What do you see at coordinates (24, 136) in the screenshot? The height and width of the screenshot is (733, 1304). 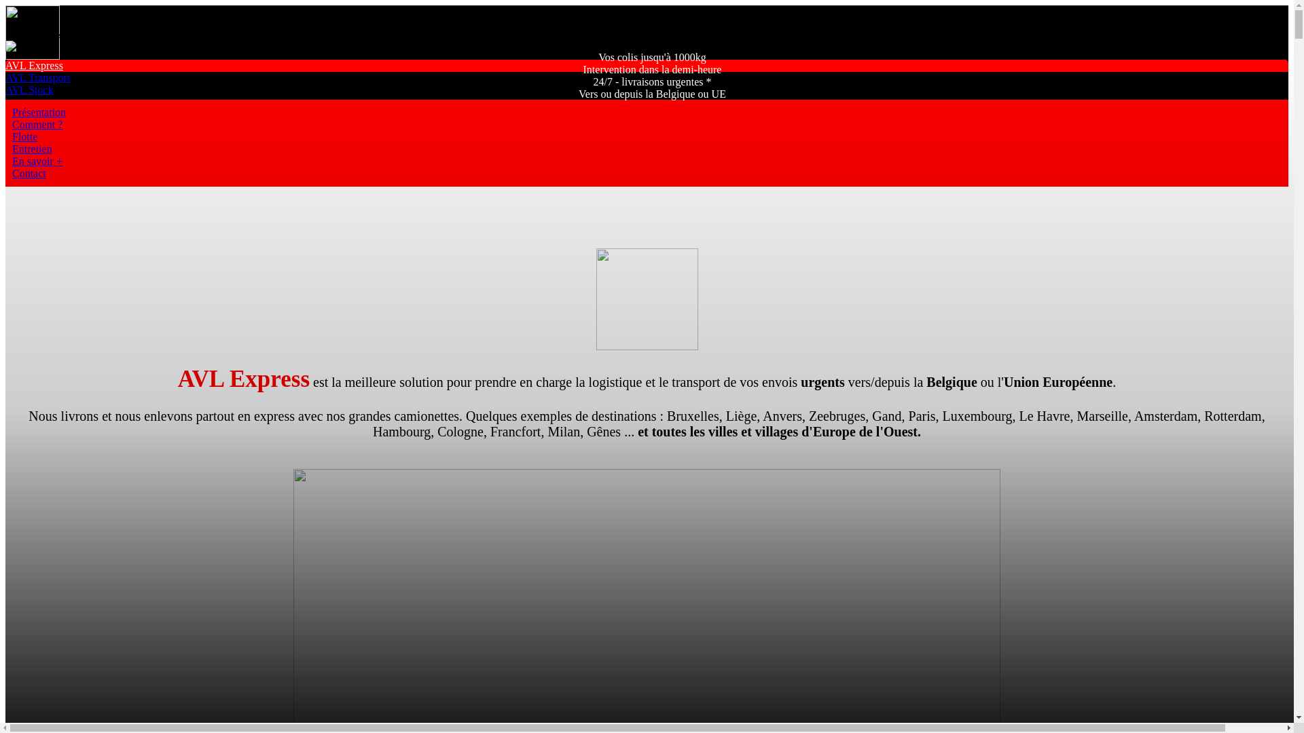 I see `'Flotte'` at bounding box center [24, 136].